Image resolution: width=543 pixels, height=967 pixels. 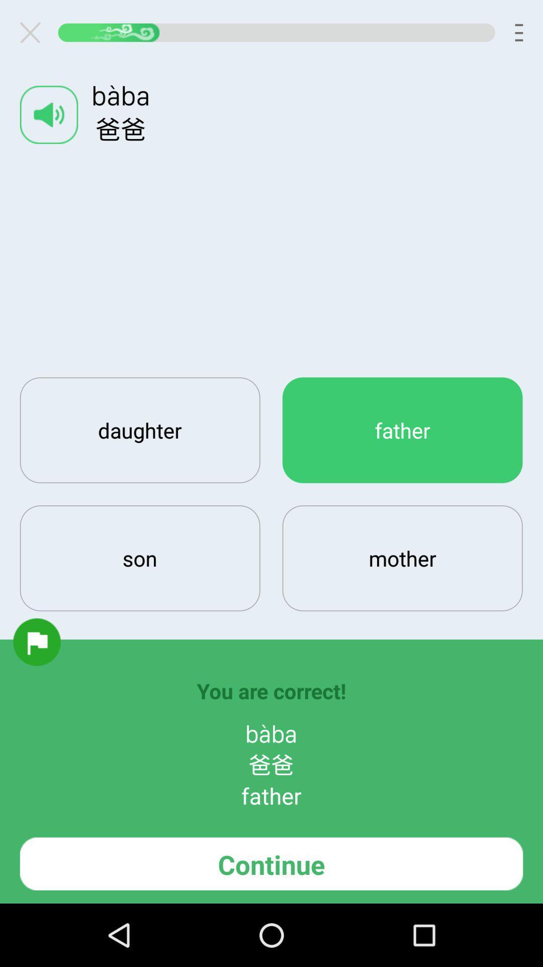 I want to click on the settings option, so click(x=34, y=32).